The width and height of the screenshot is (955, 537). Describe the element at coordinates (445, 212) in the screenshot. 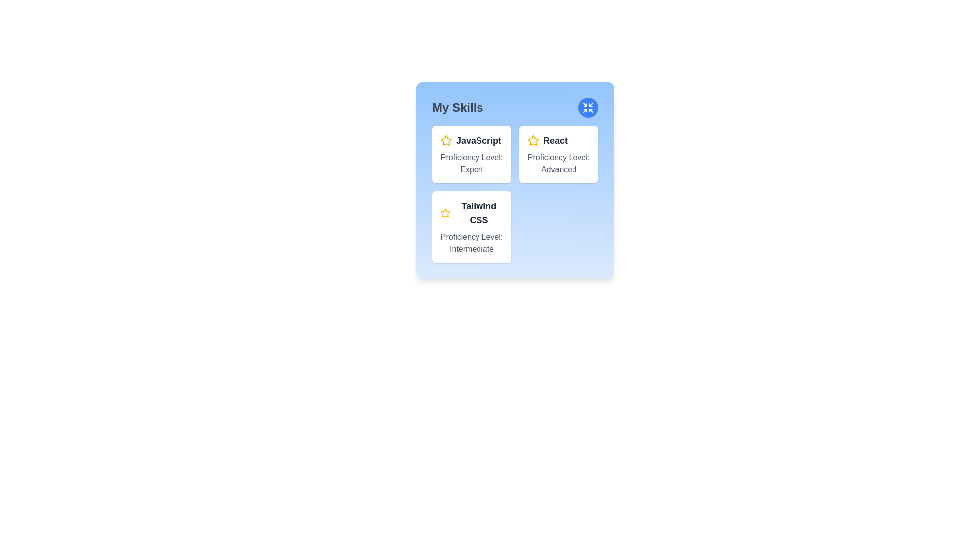

I see `the star icon representing expertise, located to the left of the 'JavaScript' text label in the 'My Skills' section` at that location.